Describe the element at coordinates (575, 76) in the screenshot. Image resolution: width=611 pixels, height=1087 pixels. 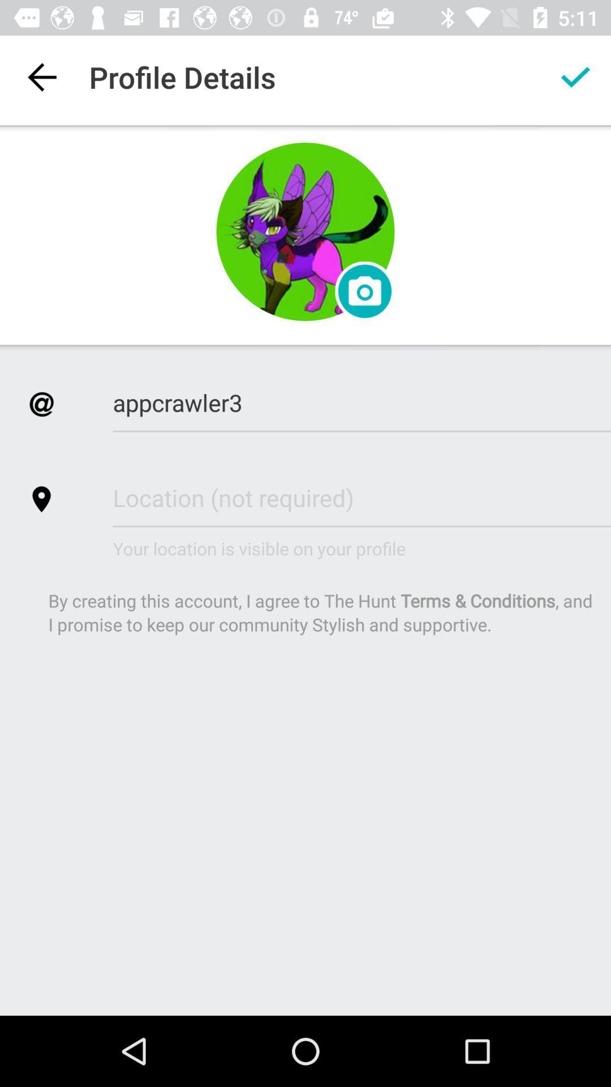
I see `profile detail save button` at that location.